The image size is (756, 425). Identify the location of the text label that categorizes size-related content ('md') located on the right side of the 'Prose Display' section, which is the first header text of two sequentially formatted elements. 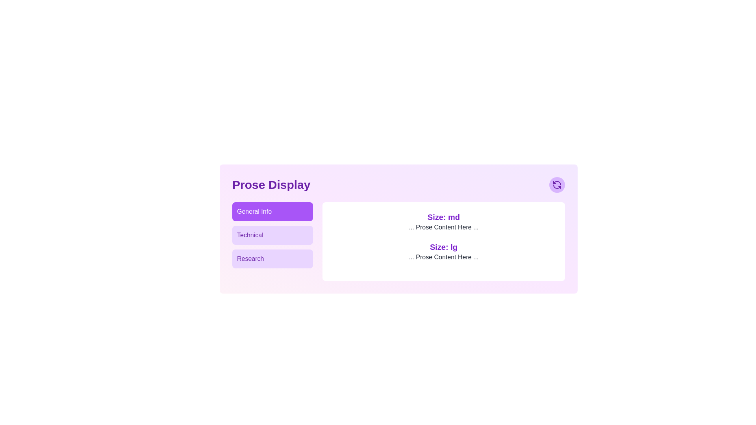
(444, 217).